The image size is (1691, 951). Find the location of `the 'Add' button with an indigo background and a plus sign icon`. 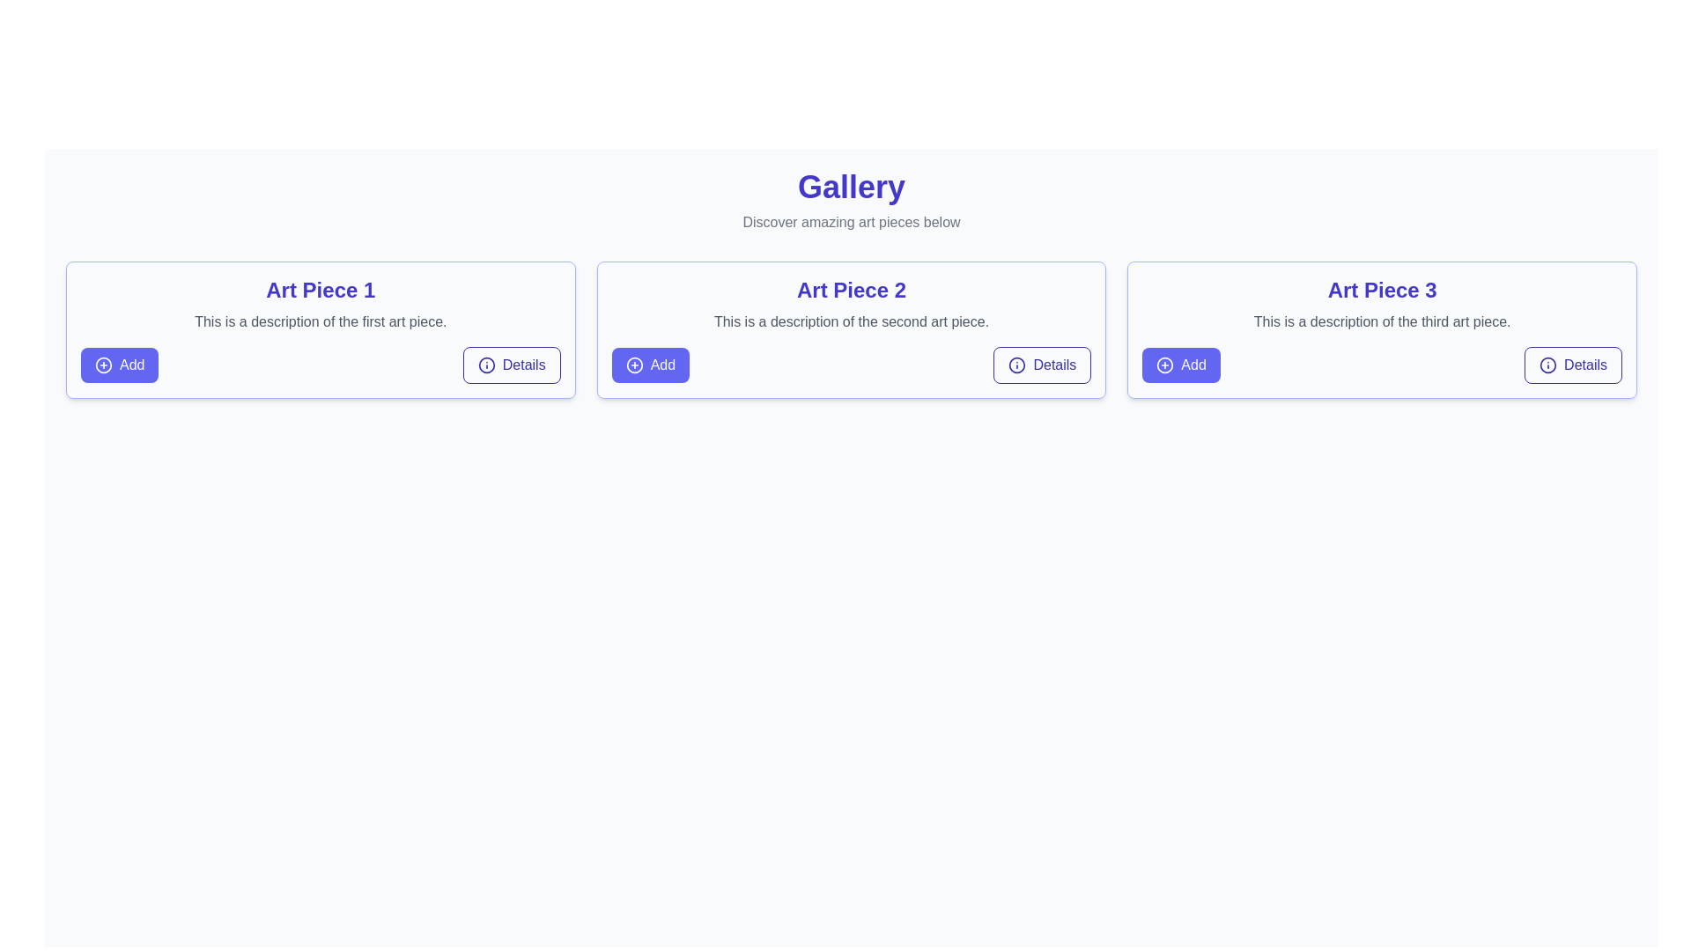

the 'Add' button with an indigo background and a plus sign icon is located at coordinates (1181, 365).